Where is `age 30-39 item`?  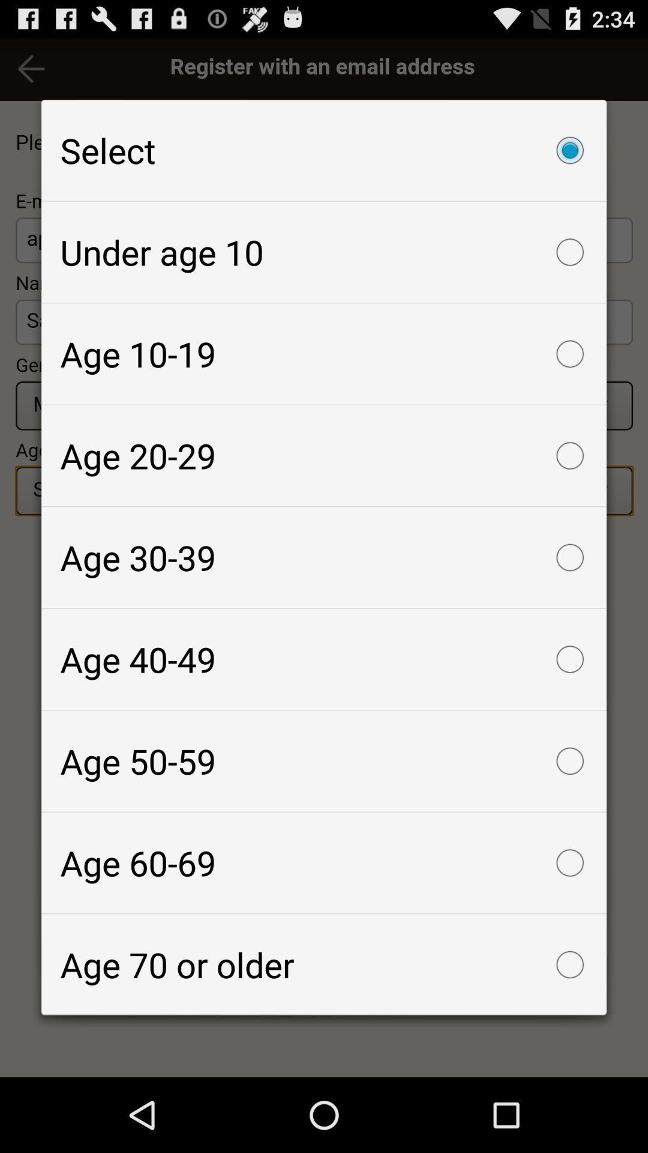
age 30-39 item is located at coordinates (324, 557).